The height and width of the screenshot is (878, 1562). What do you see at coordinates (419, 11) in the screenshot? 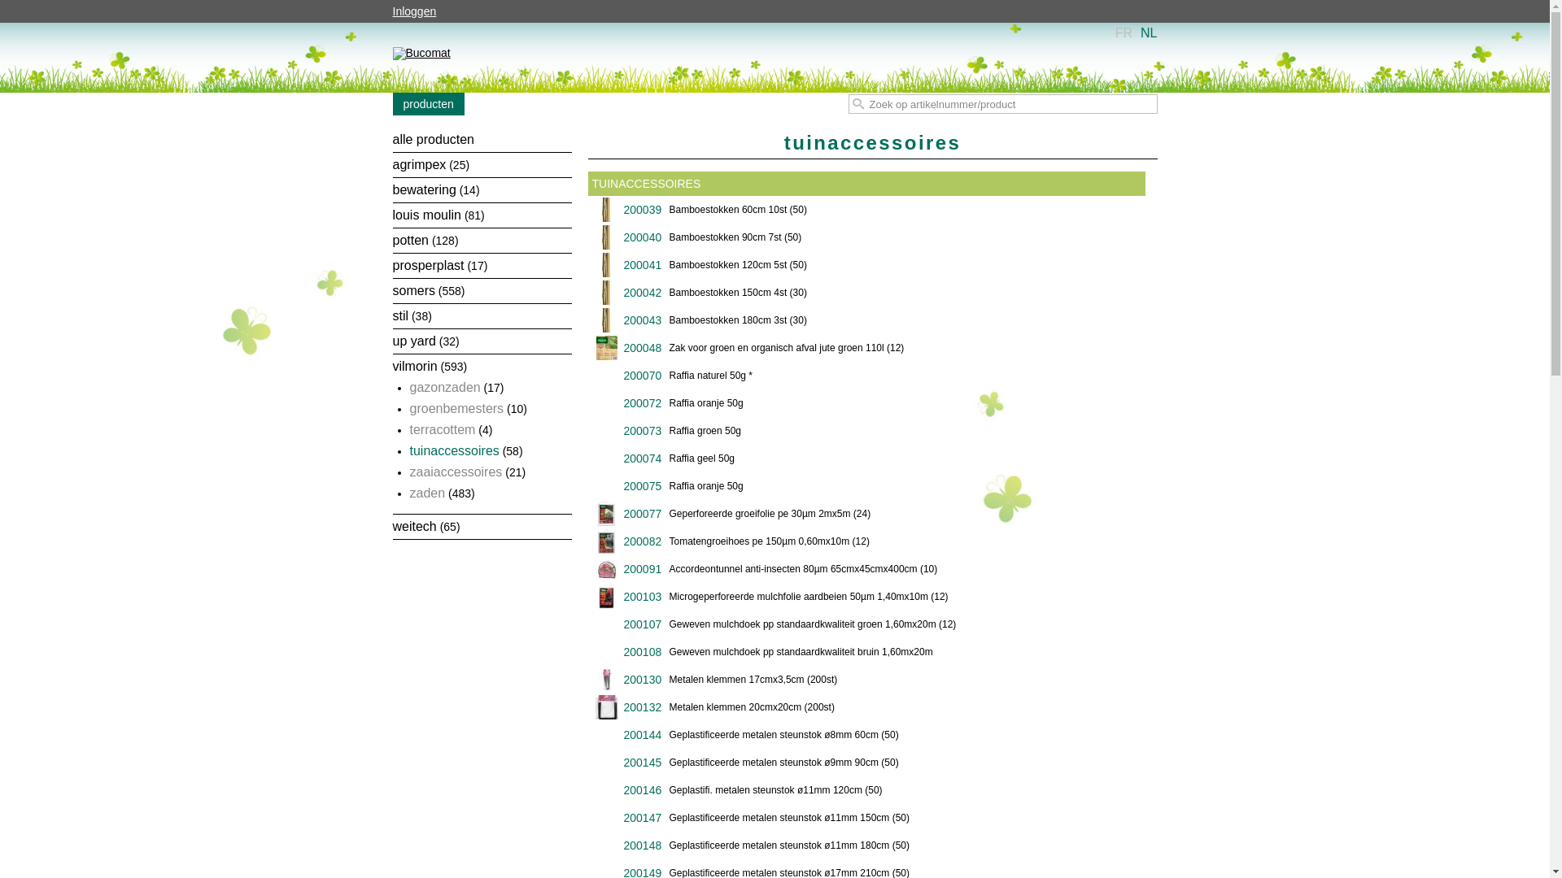
I see `'Inloggen'` at bounding box center [419, 11].